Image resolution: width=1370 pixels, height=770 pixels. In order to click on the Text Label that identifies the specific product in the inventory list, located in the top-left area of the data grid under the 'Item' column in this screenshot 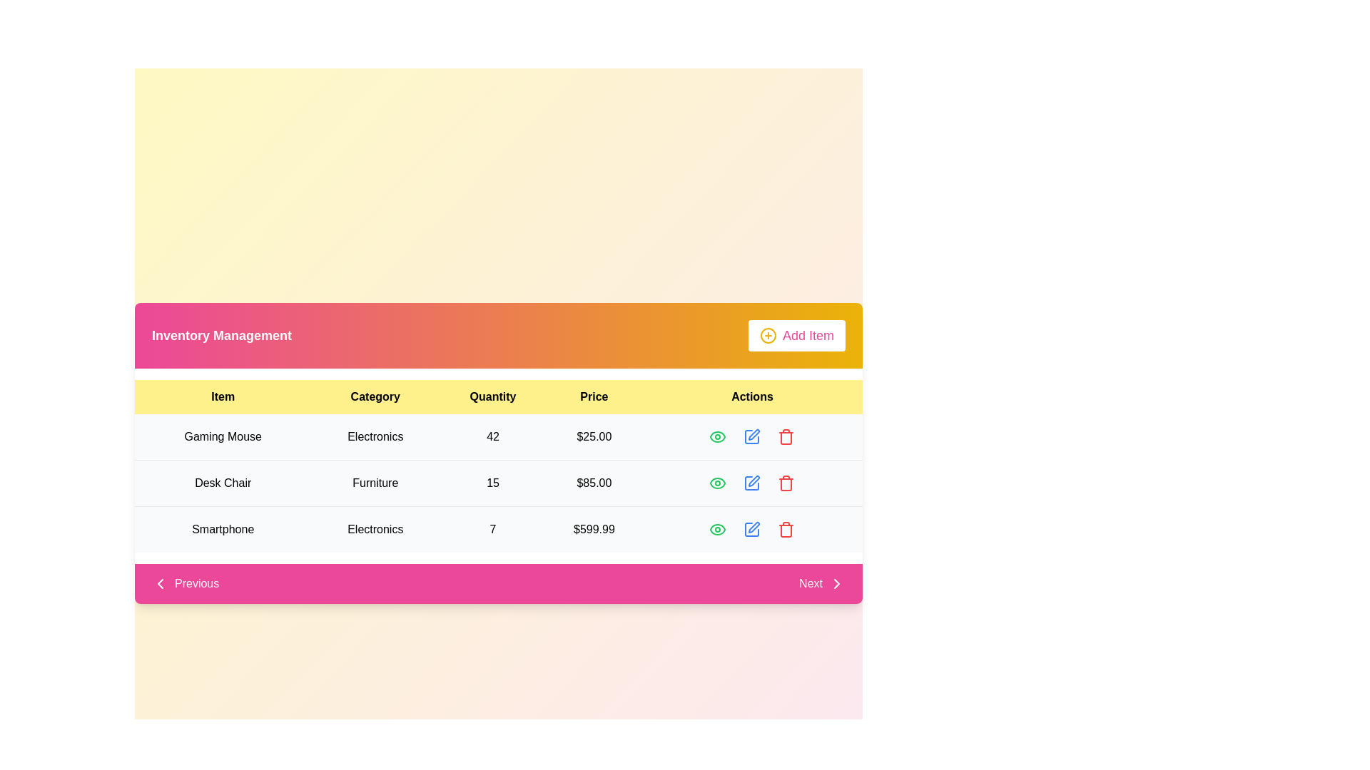, I will do `click(222, 436)`.